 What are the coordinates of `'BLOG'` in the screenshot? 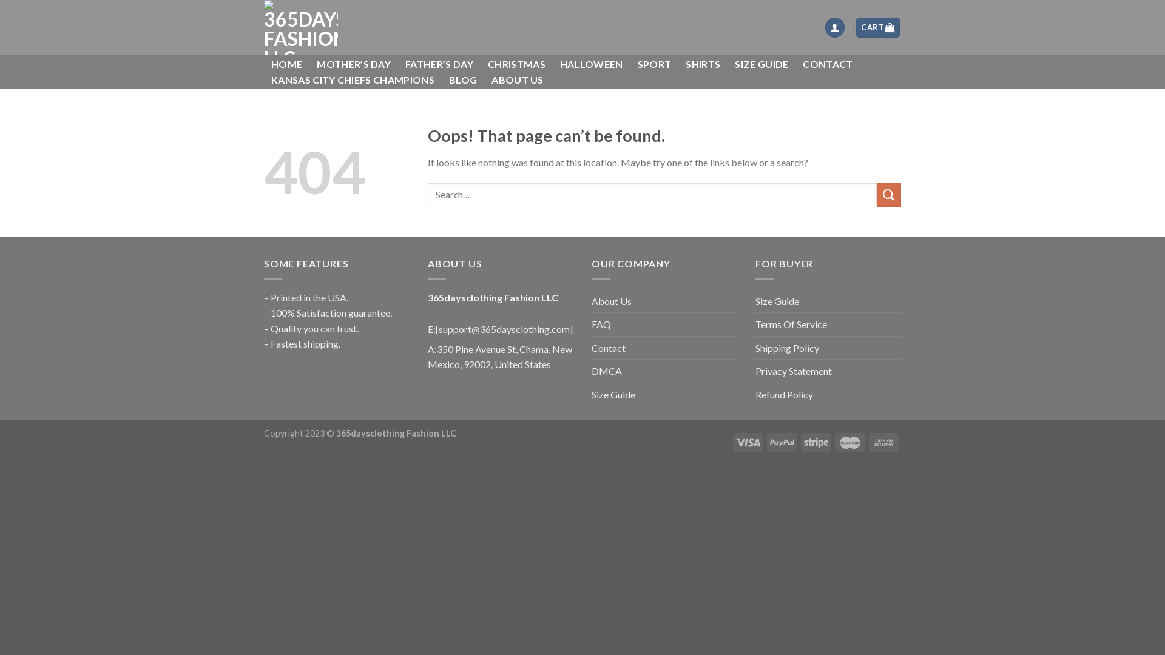 It's located at (441, 79).